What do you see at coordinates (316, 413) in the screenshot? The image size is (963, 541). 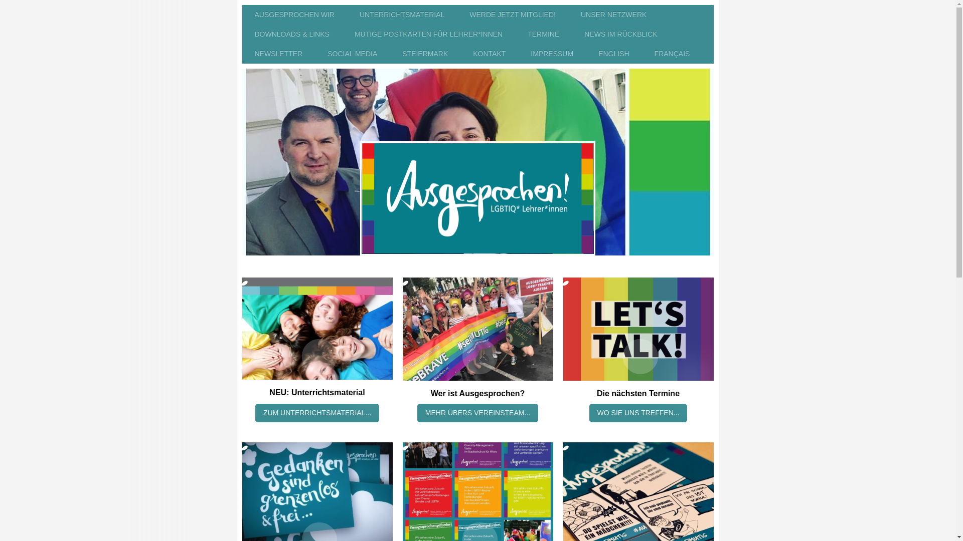 I see `'ZUM UNTERRICHTSMATERIAL...'` at bounding box center [316, 413].